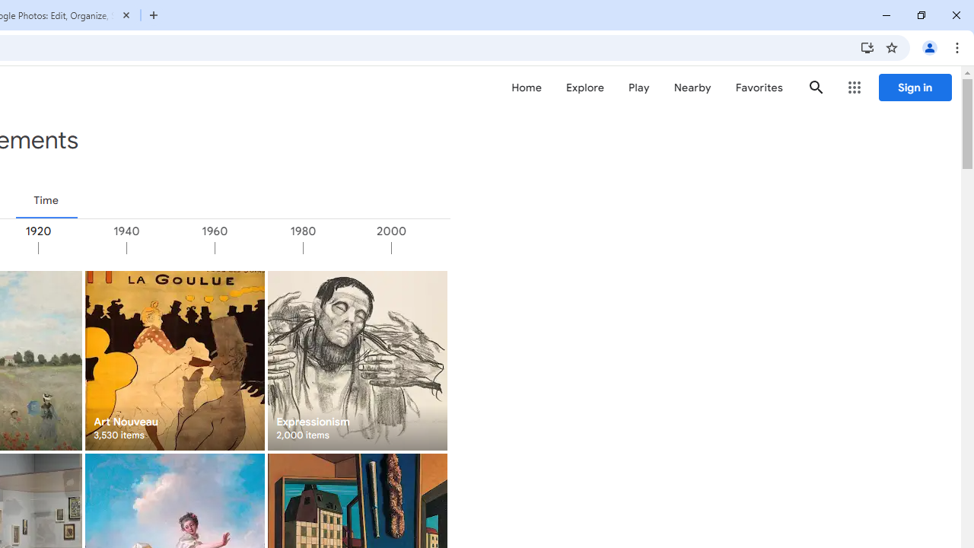  I want to click on '2000', so click(434, 247).